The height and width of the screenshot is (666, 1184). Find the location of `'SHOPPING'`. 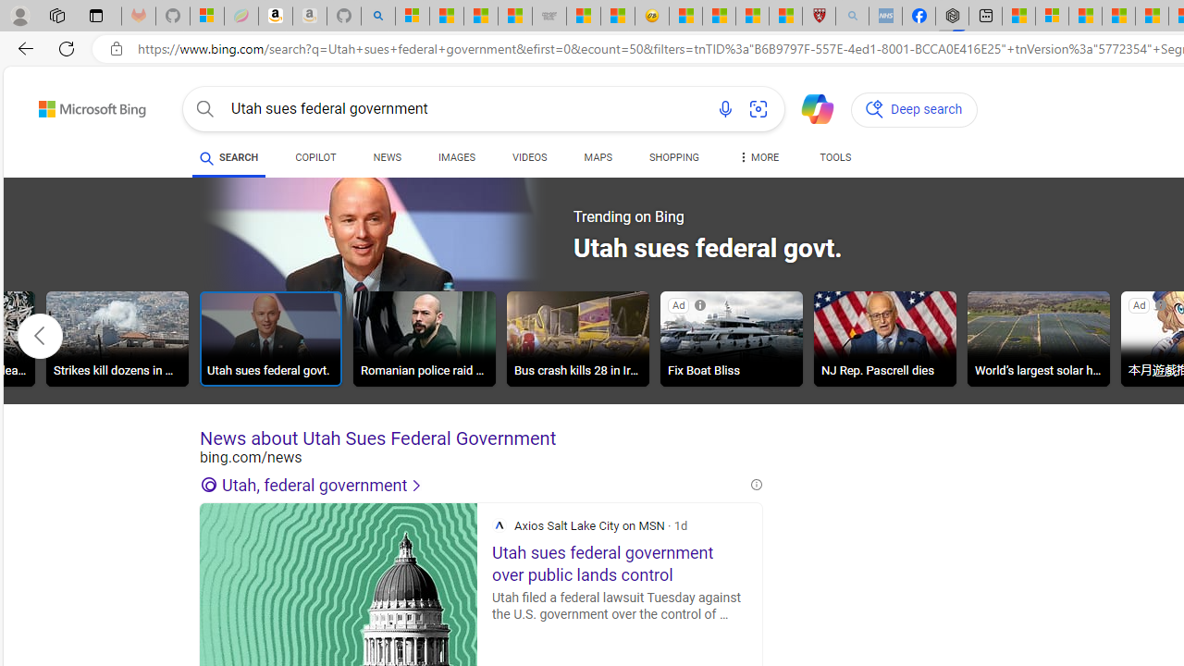

'SHOPPING' is located at coordinates (672, 159).